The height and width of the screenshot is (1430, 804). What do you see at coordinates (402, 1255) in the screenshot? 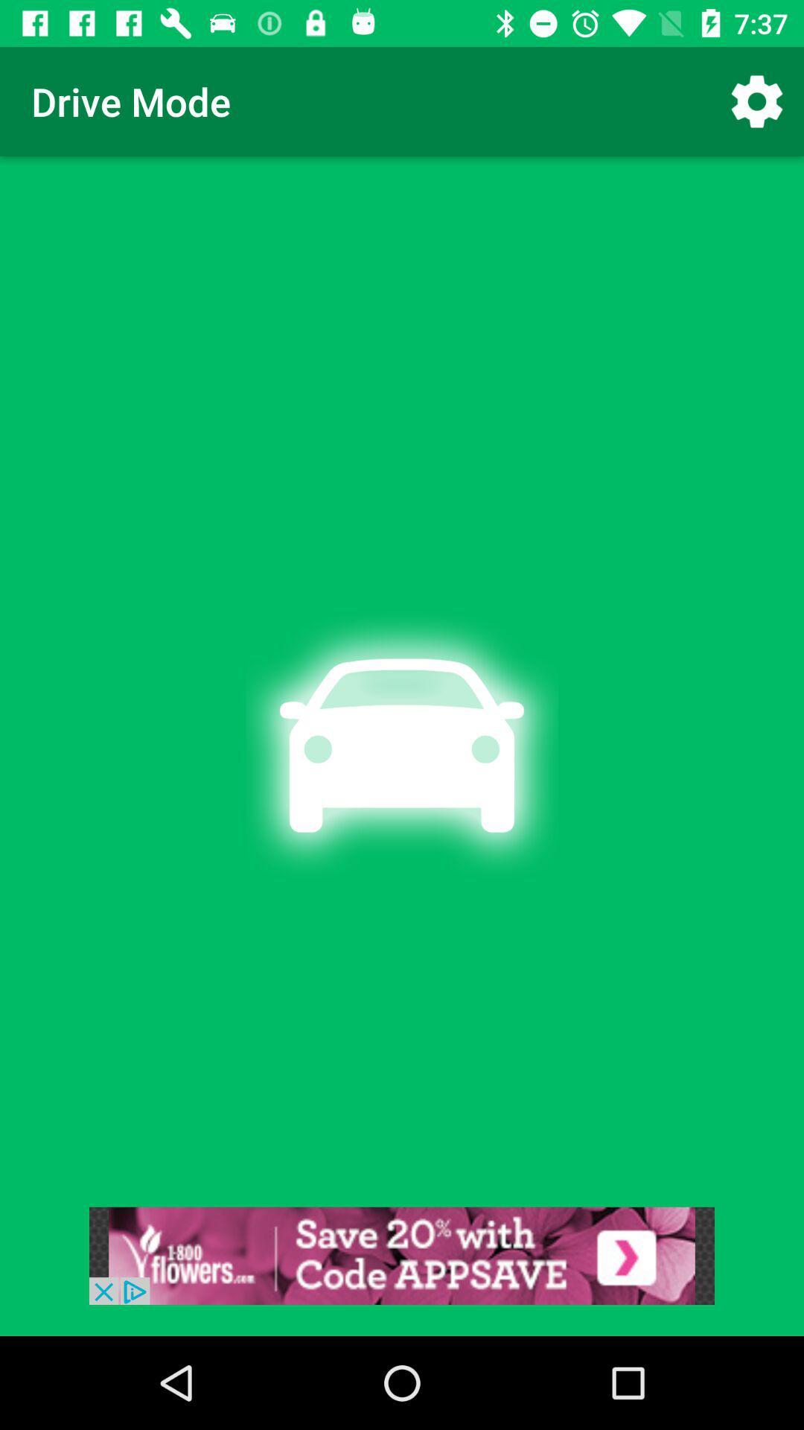
I see `advertisement` at bounding box center [402, 1255].